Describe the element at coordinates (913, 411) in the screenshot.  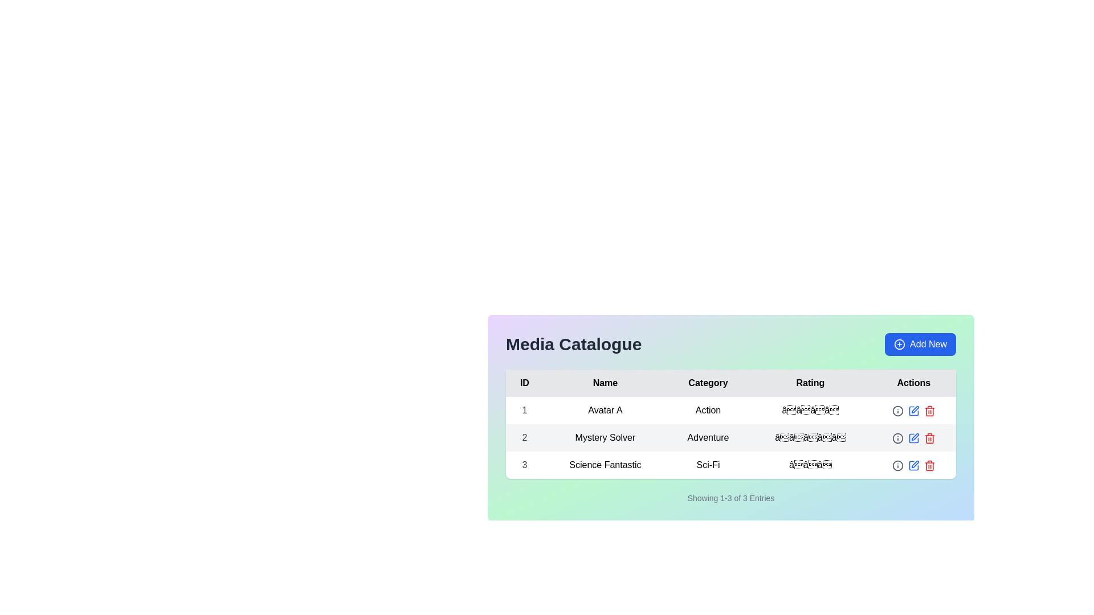
I see `the edit icon button located in the 'Actions' column of the first row in the table` at that location.